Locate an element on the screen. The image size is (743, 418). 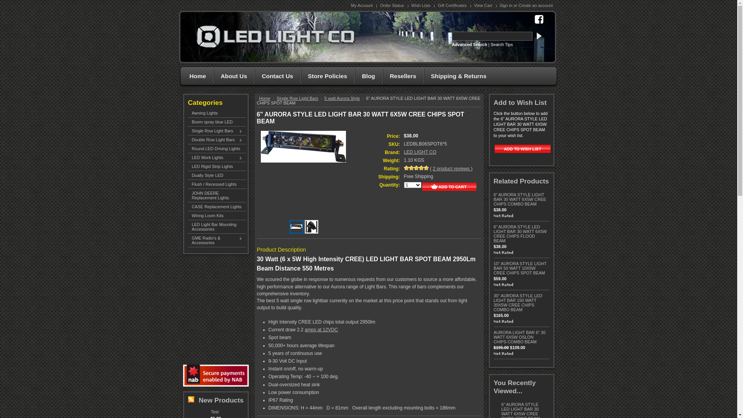
'Order Status' is located at coordinates (393, 5).